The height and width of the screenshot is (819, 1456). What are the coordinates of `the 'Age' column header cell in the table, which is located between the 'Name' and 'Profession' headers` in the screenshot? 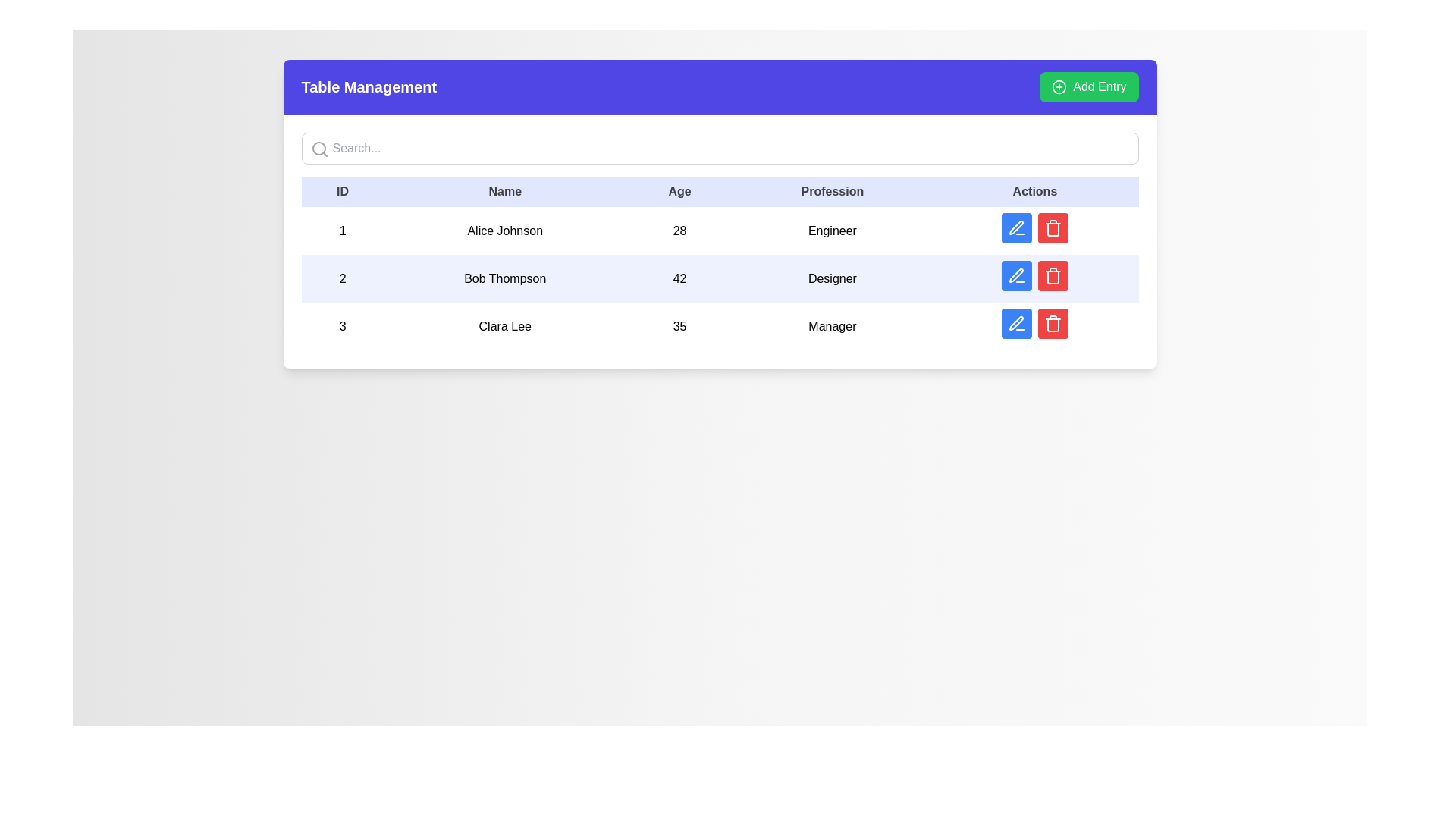 It's located at (679, 191).